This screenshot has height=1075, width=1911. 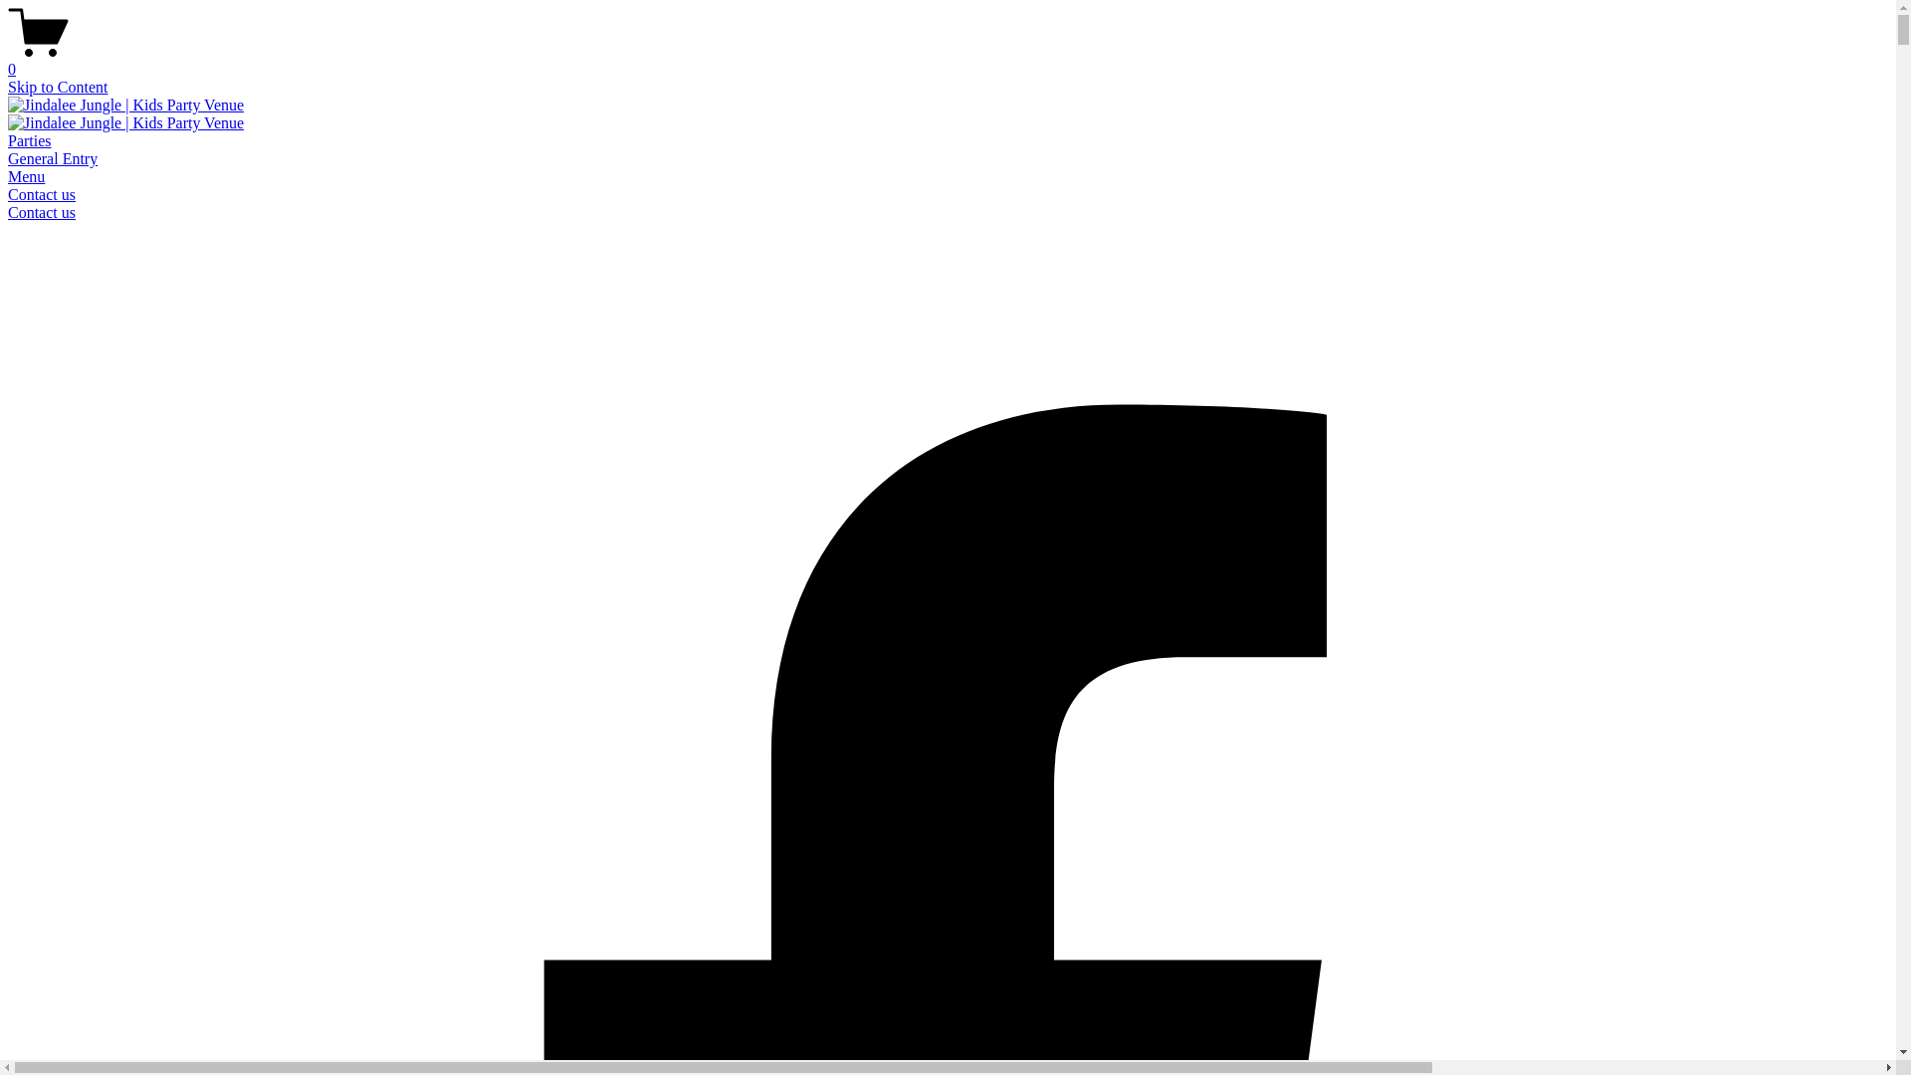 What do you see at coordinates (29, 139) in the screenshot?
I see `'Parties'` at bounding box center [29, 139].